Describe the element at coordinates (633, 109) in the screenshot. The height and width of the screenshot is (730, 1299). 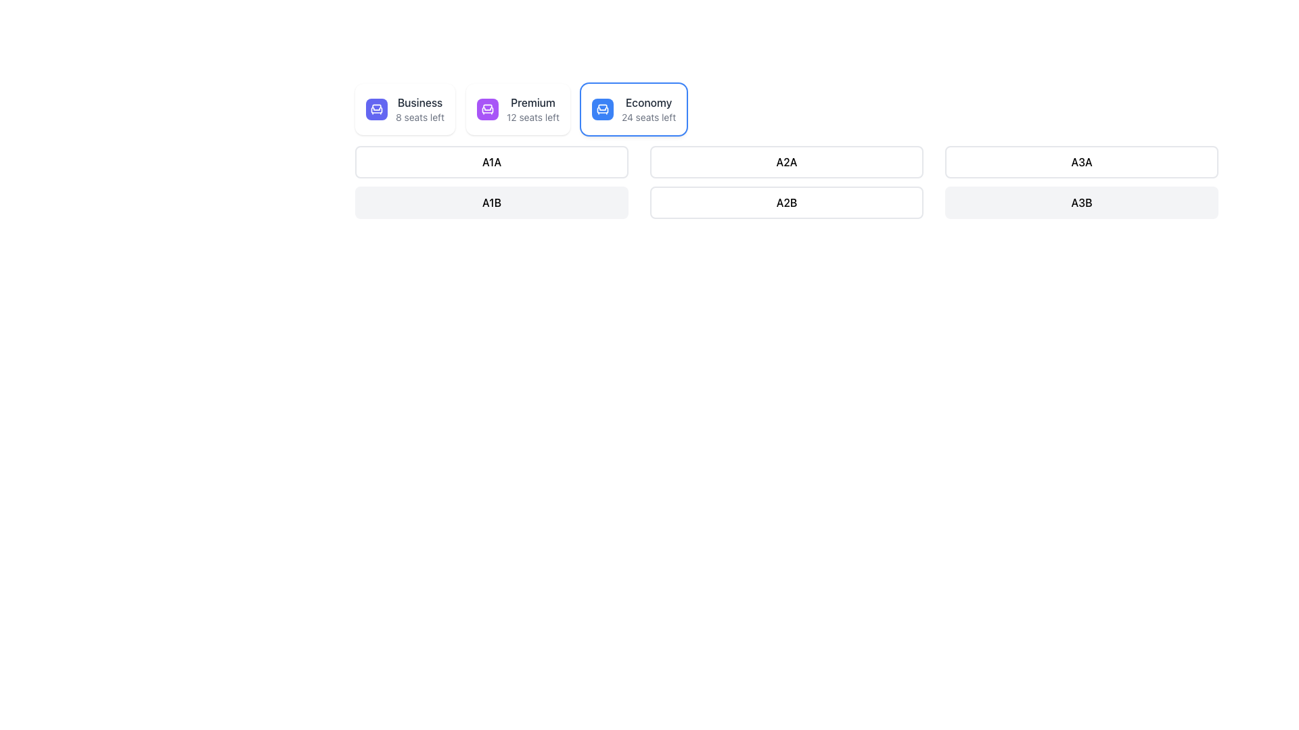
I see `the Economy button, which features a blue circular icon with a white armchair and the text 'Economy' above '24 seats left'` at that location.